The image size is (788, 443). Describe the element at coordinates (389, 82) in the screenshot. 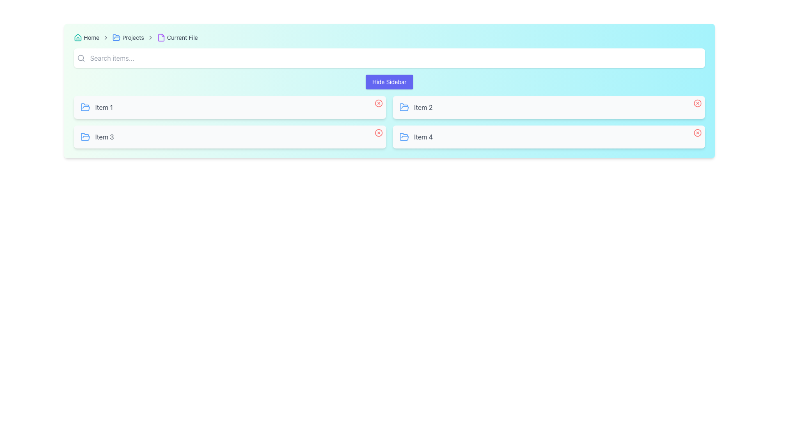

I see `the button that toggles the visibility of the sidebar, which is centered above the grid of items labeled 'Item 1' to 'Item 4' and has a gradient background from green to cyan` at that location.